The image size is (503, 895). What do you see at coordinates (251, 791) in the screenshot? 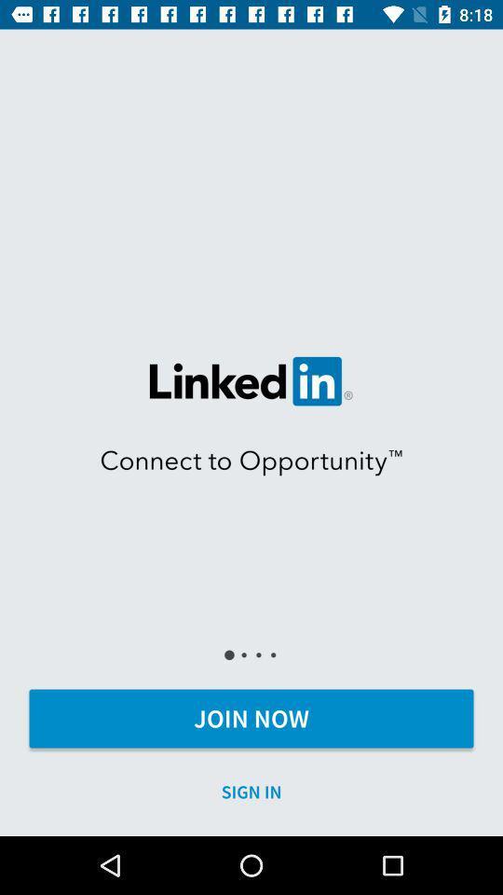
I see `icon below the join now` at bounding box center [251, 791].